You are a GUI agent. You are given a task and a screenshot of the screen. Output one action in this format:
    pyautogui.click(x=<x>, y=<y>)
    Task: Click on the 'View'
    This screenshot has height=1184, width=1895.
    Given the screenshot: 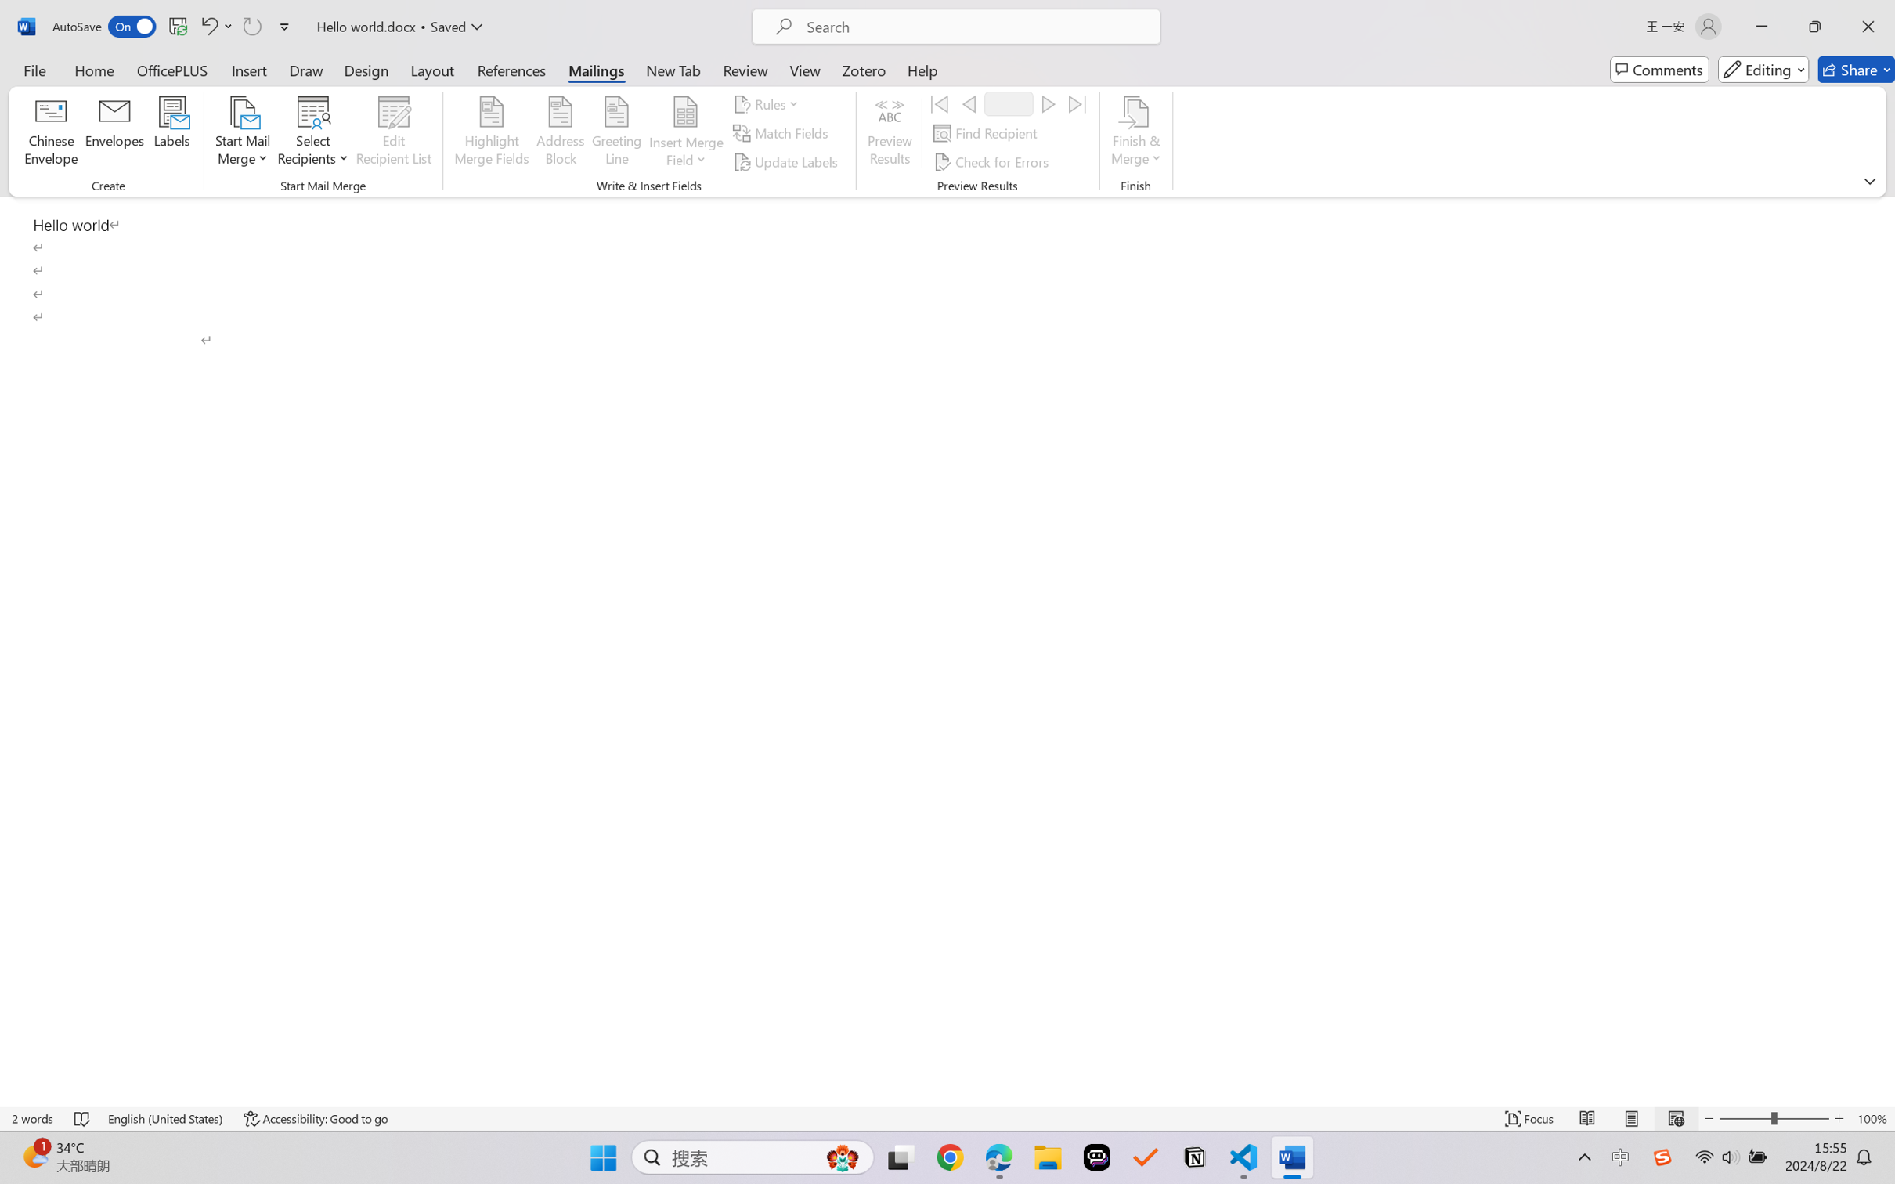 What is the action you would take?
    pyautogui.click(x=805, y=69)
    